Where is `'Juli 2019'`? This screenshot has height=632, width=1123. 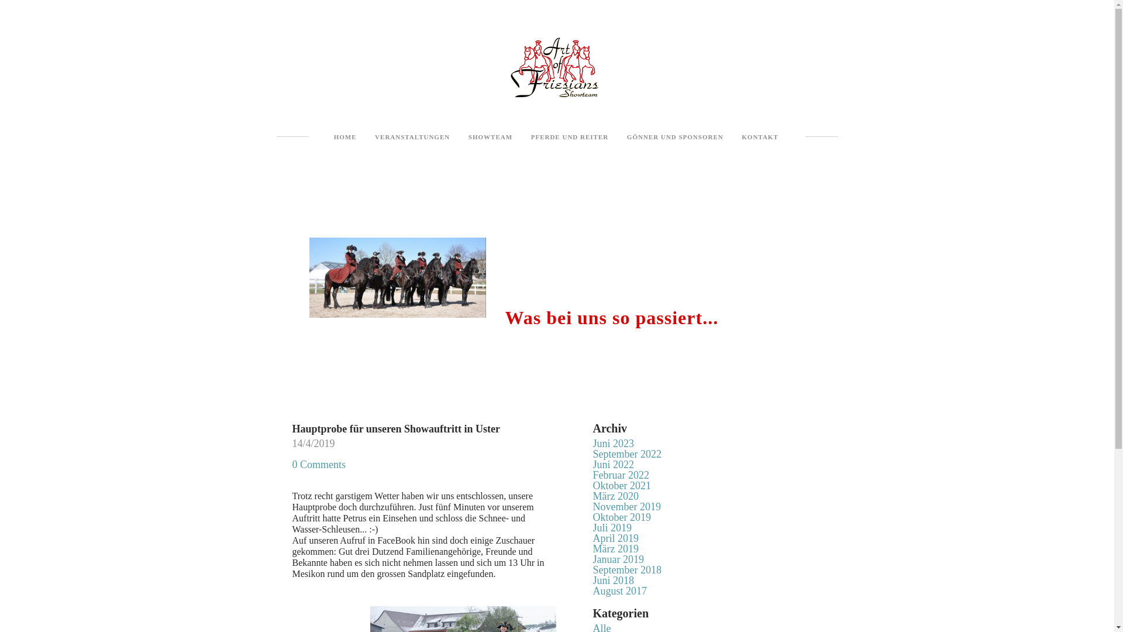 'Juli 2019' is located at coordinates (612, 528).